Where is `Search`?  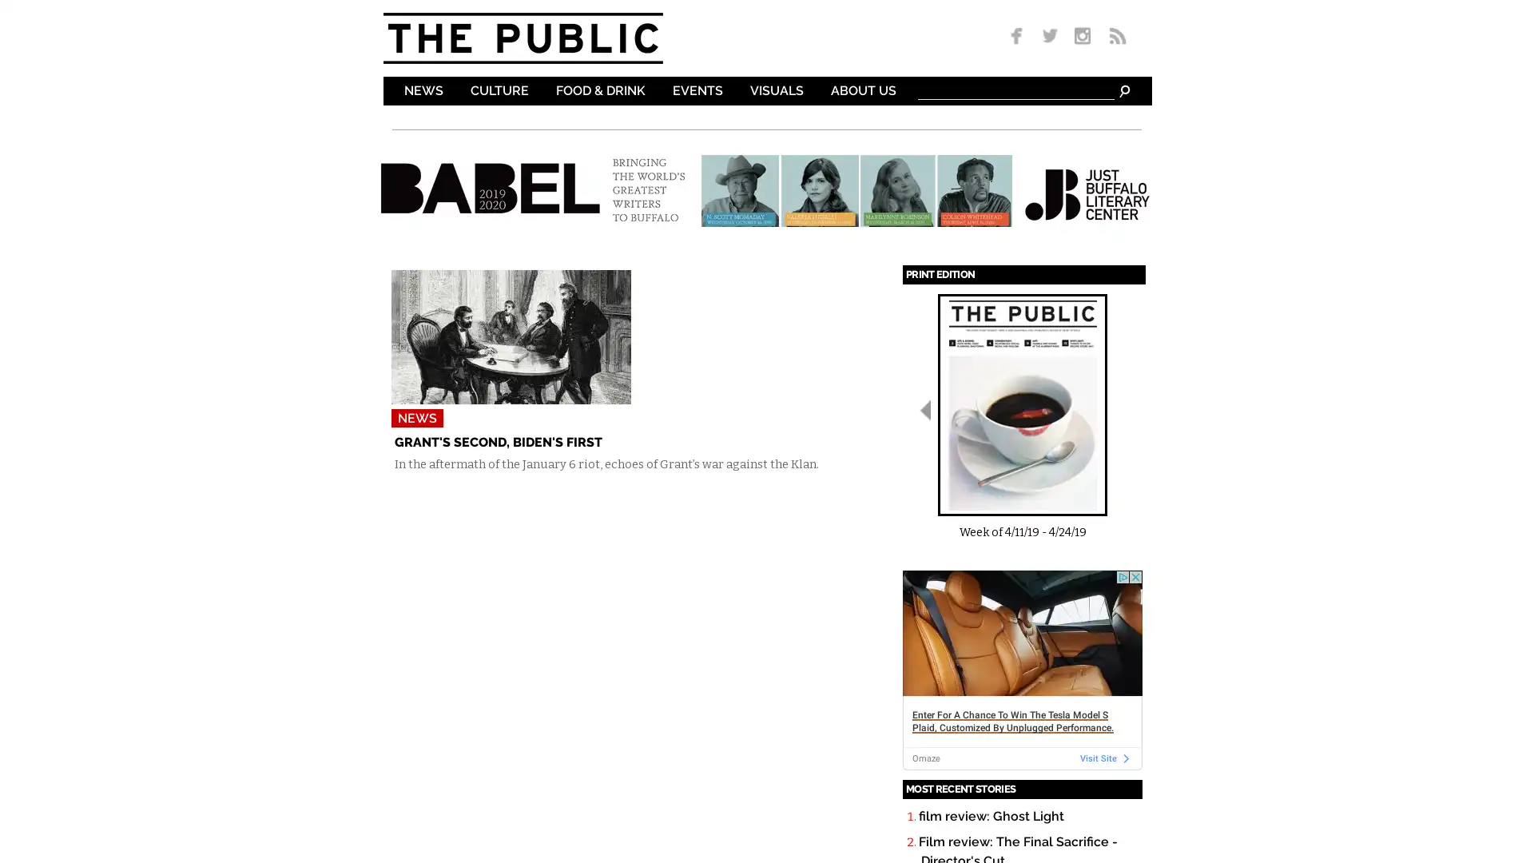 Search is located at coordinates (1122, 89).